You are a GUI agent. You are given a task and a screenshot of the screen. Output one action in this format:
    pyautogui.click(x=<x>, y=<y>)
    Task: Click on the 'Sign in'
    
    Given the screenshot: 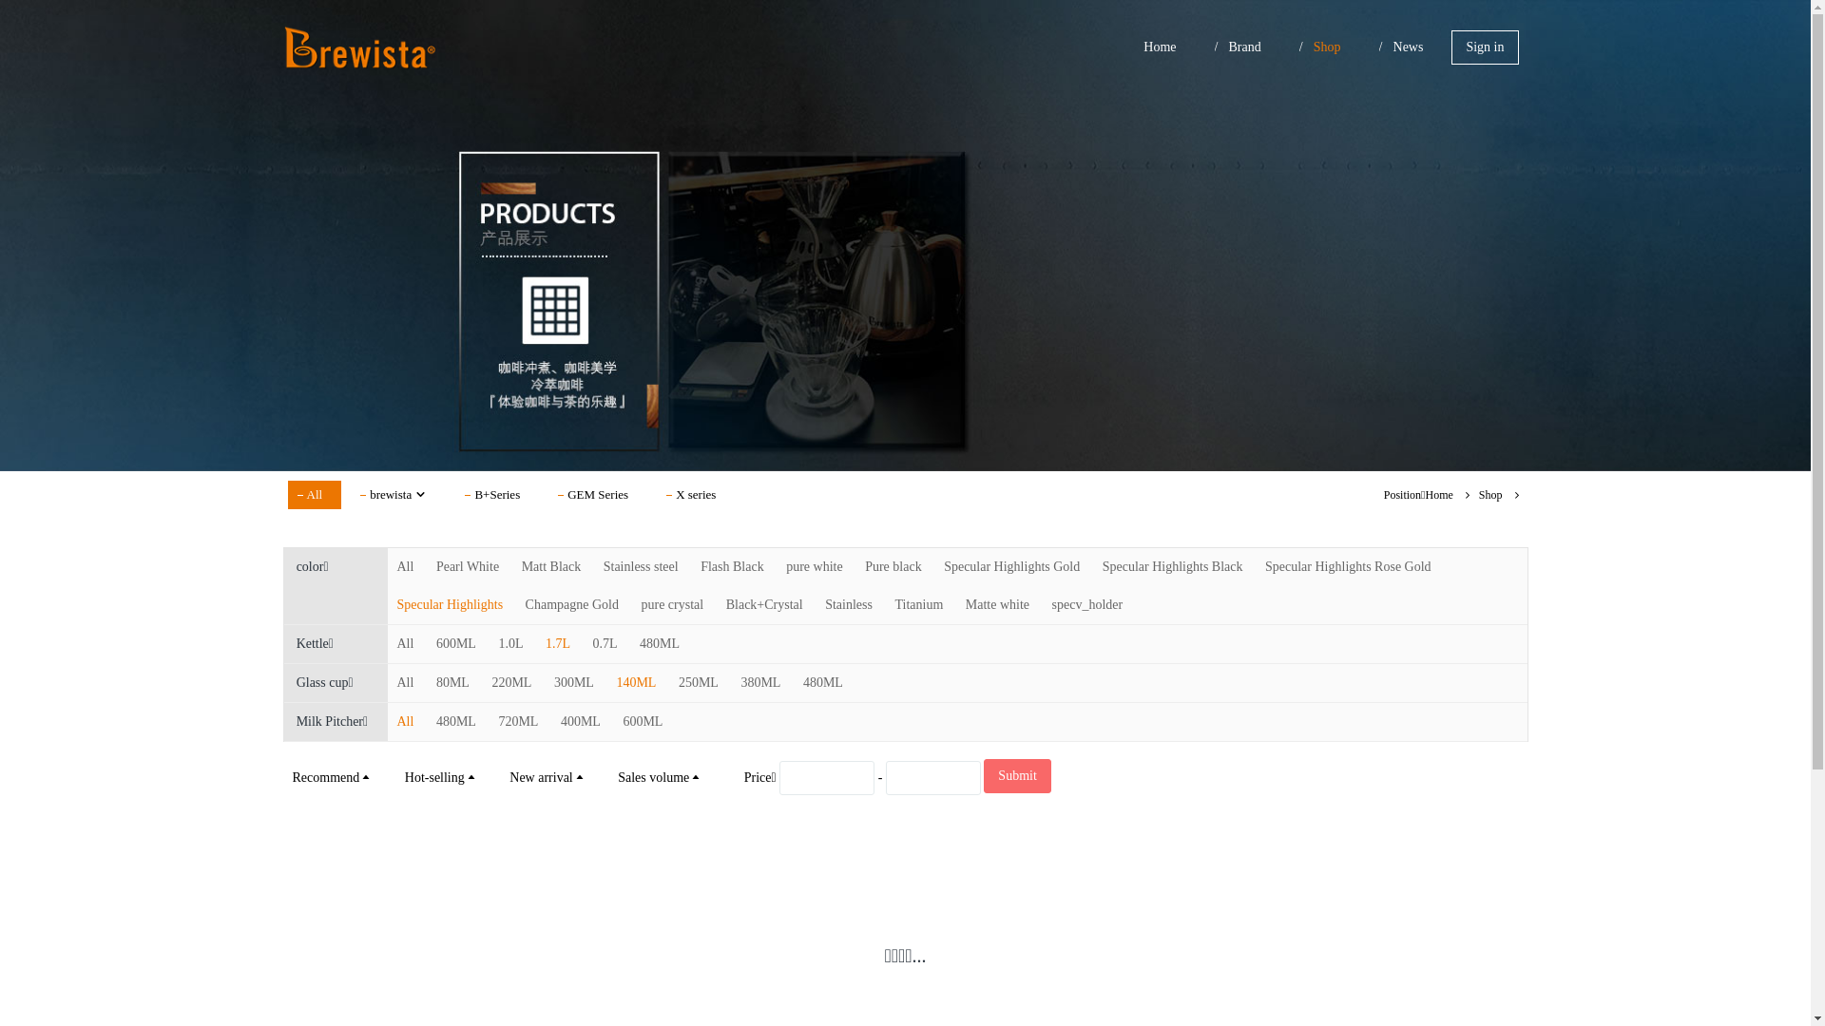 What is the action you would take?
    pyautogui.click(x=1483, y=47)
    